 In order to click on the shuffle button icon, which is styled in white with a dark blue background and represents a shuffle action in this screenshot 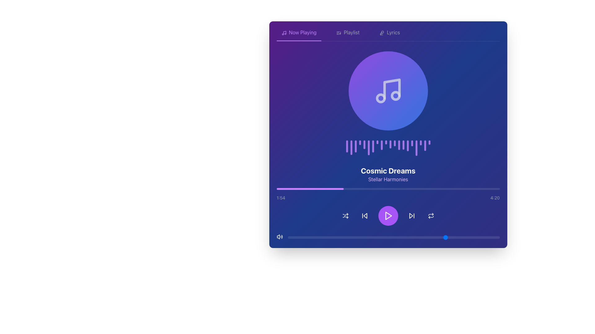, I will do `click(345, 216)`.